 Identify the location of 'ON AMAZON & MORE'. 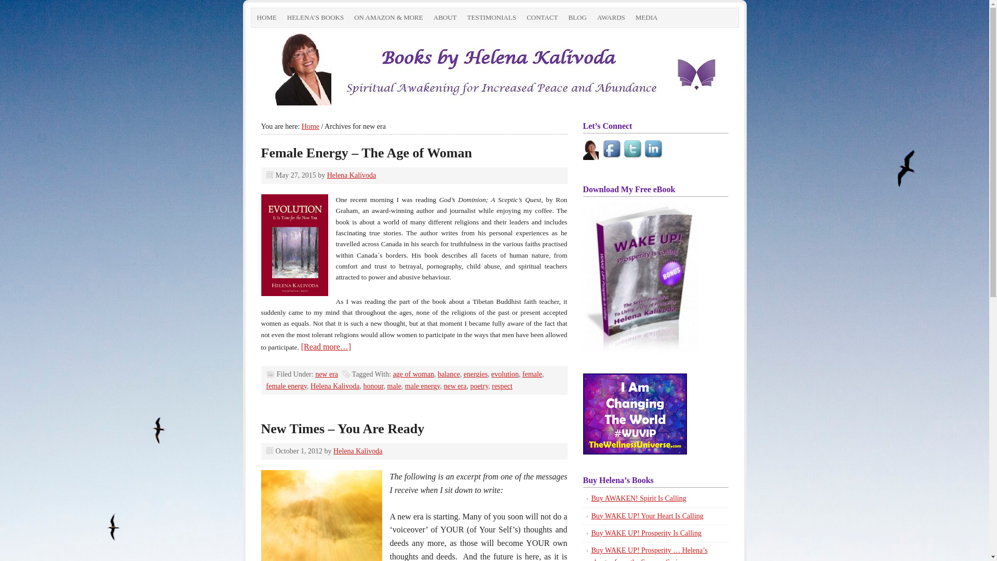
(388, 18).